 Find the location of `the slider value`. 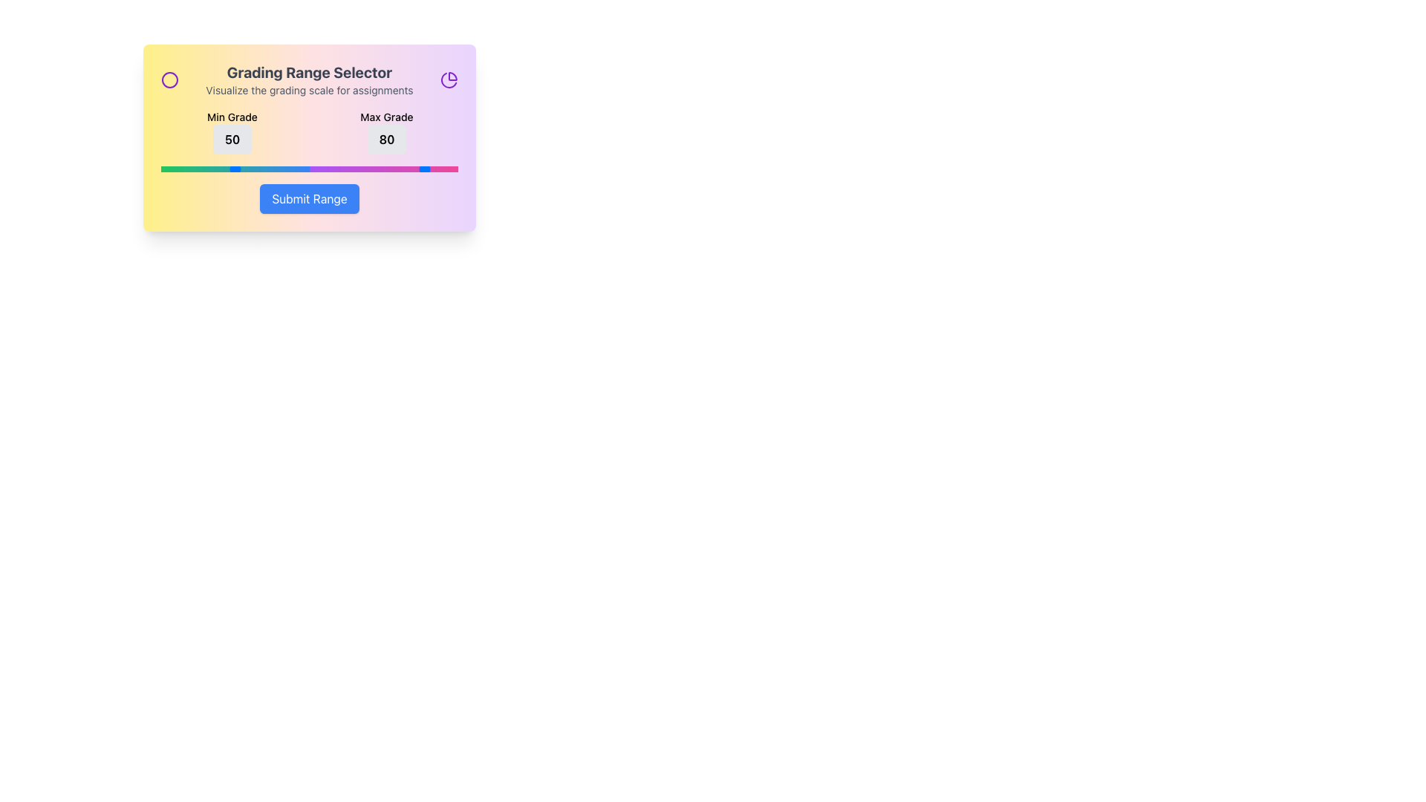

the slider value is located at coordinates (385, 168).